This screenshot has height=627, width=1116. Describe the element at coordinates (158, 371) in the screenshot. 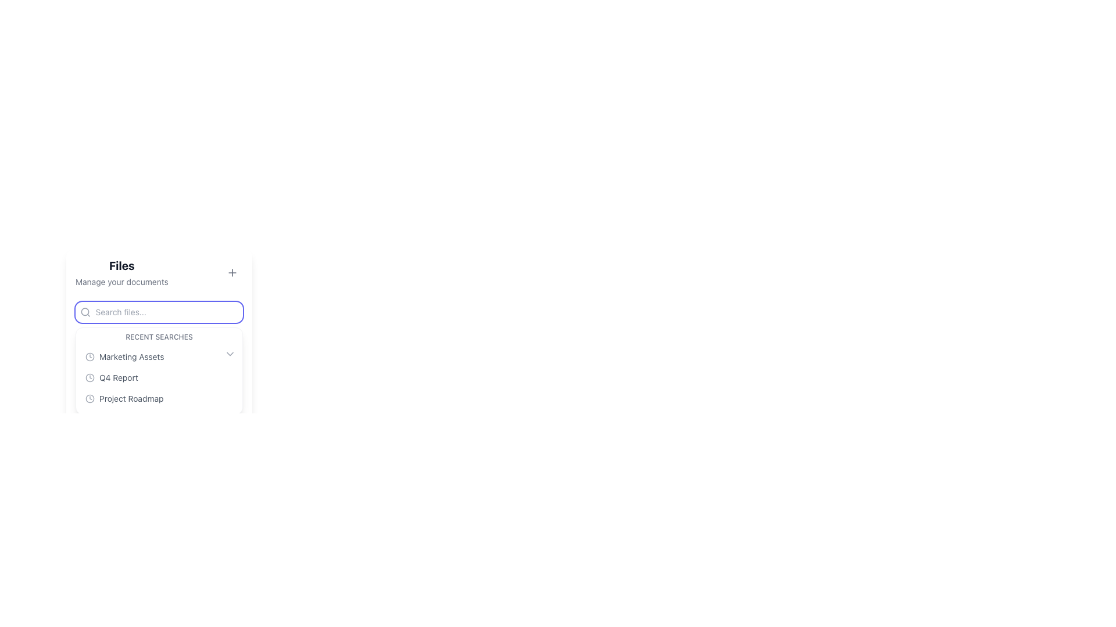

I see `the 'RECENT SEARCHES' dropdown menu` at that location.